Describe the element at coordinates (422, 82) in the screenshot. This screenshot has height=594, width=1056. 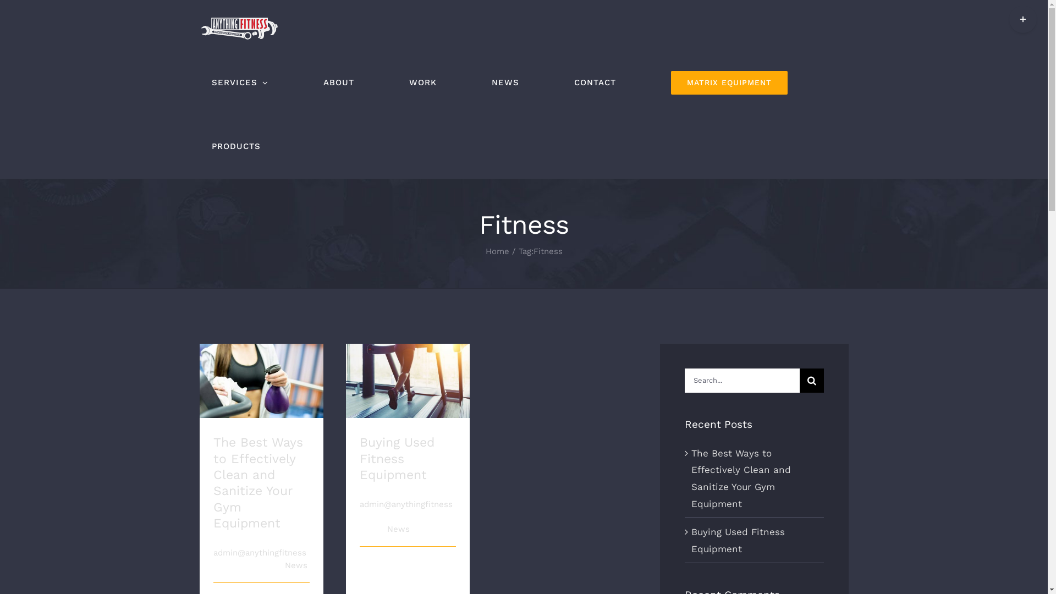
I see `'WORK'` at that location.